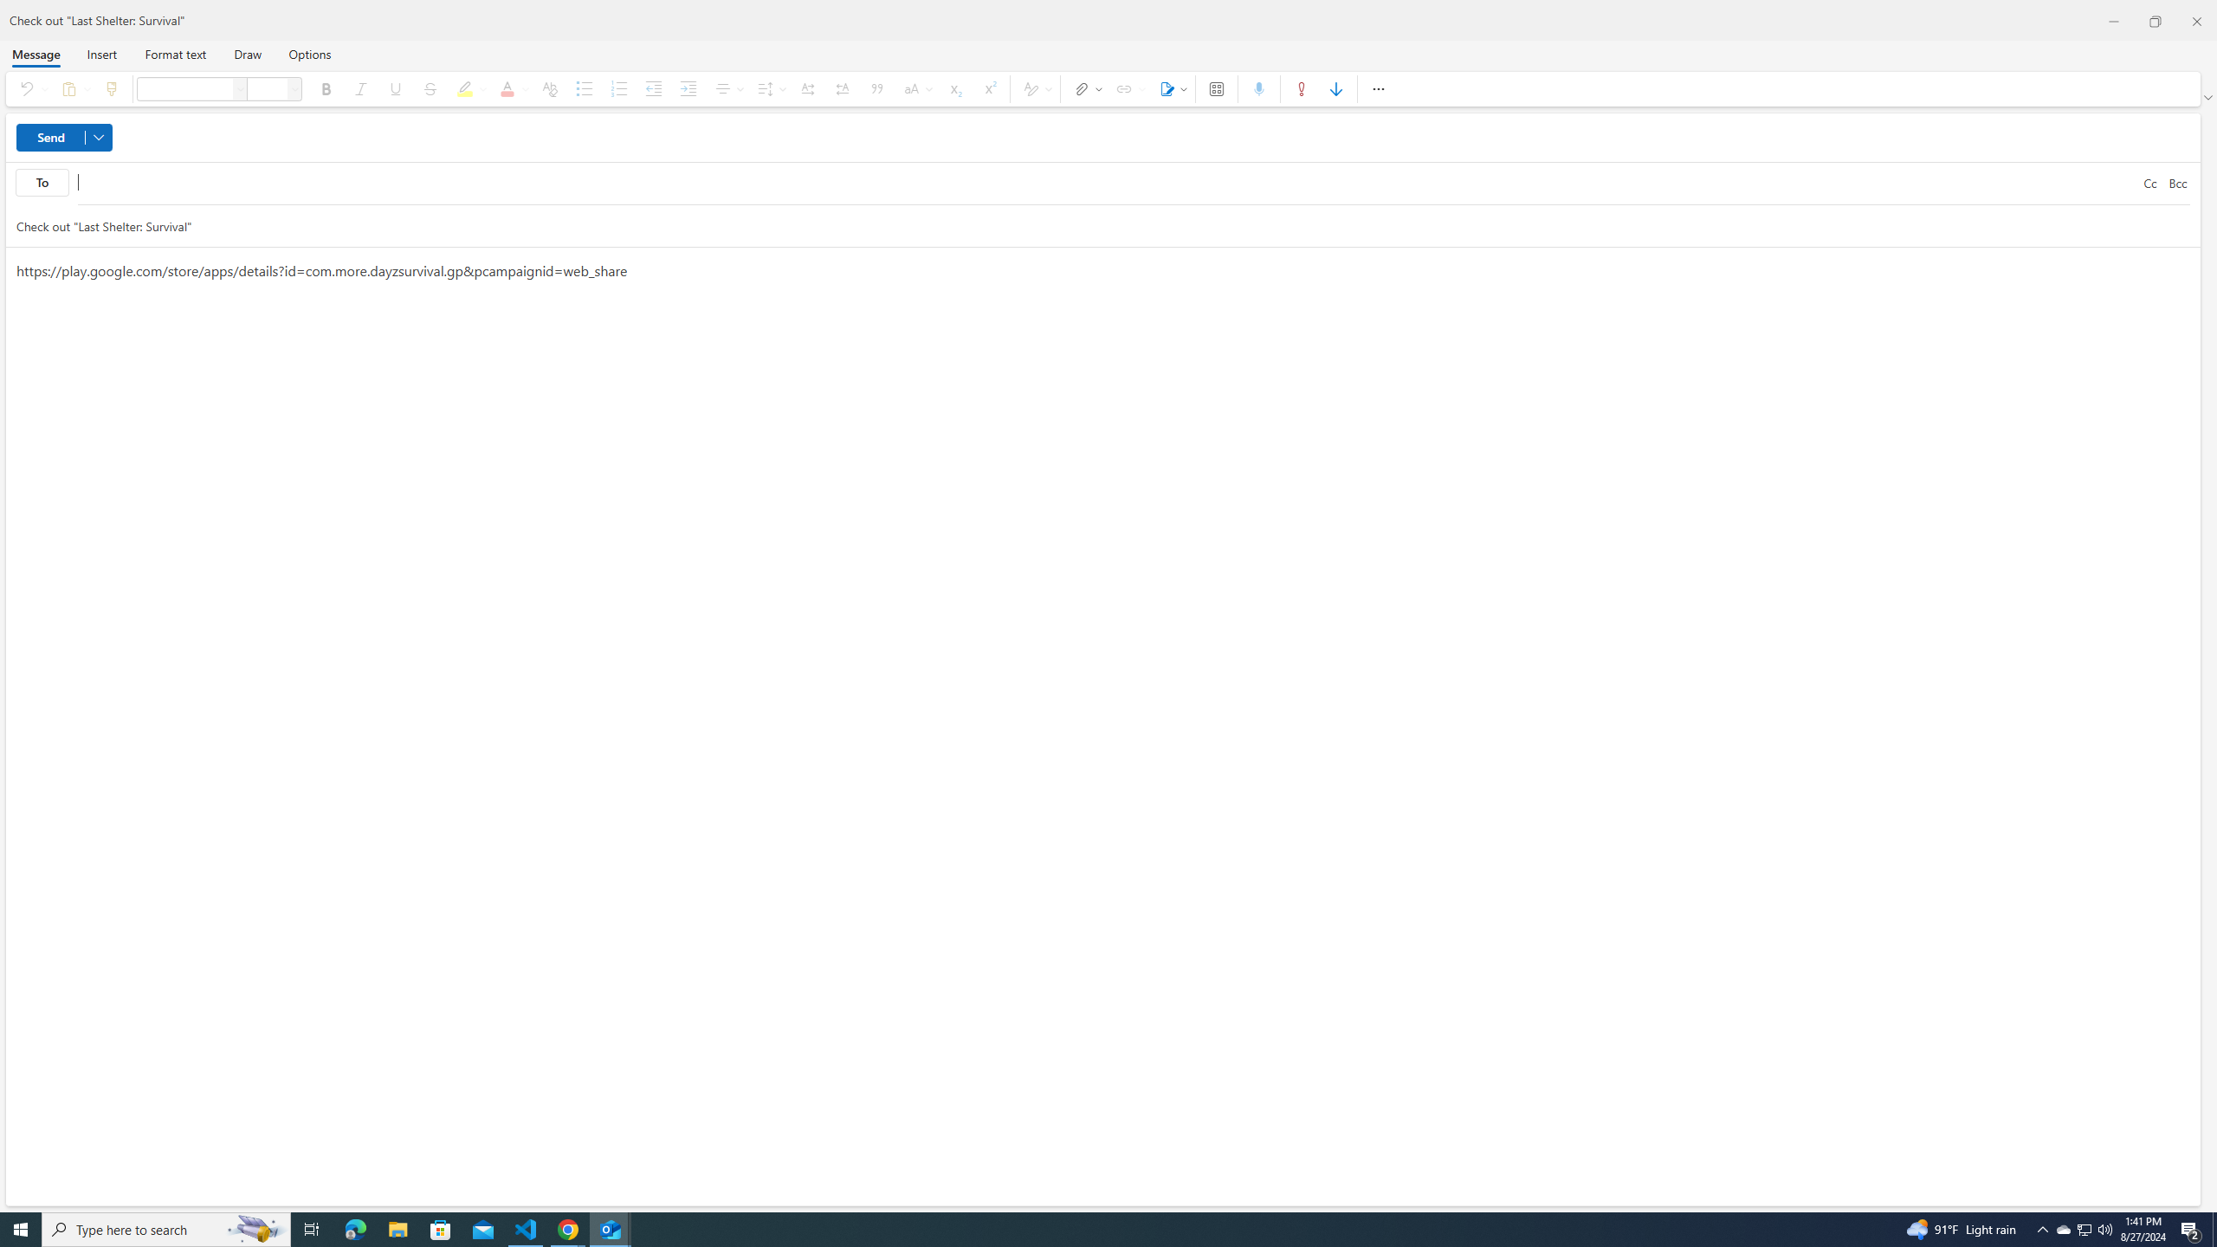 This screenshot has height=1247, width=2217. Describe the element at coordinates (617, 88) in the screenshot. I see `'Numbering'` at that location.